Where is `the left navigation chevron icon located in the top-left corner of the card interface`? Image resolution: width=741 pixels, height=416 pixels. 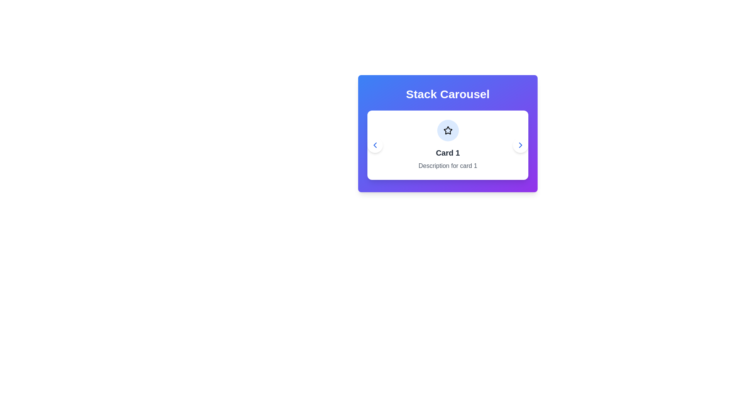 the left navigation chevron icon located in the top-left corner of the card interface is located at coordinates (375, 145).